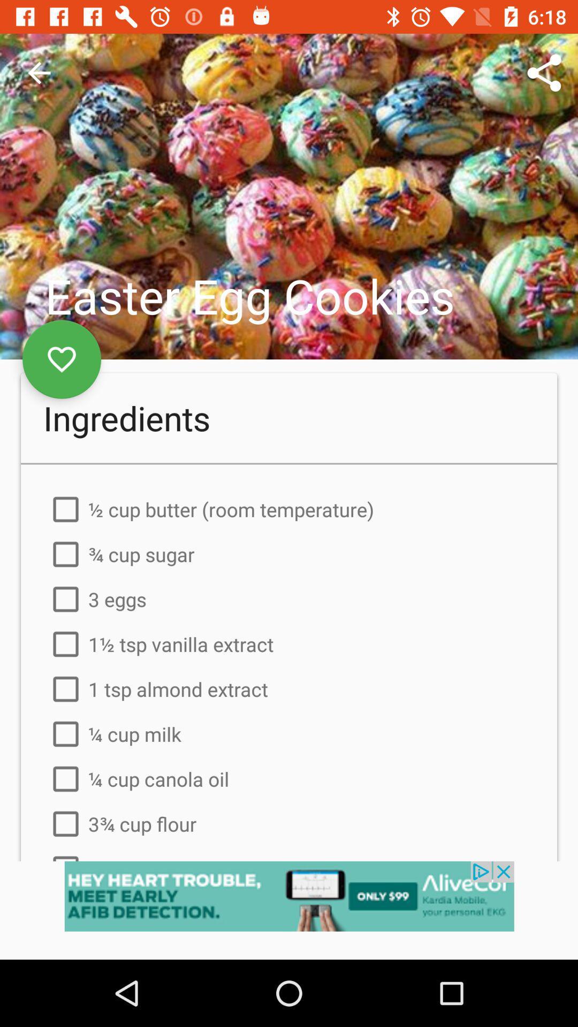 This screenshot has width=578, height=1027. What do you see at coordinates (62, 359) in the screenshot?
I see `rating` at bounding box center [62, 359].